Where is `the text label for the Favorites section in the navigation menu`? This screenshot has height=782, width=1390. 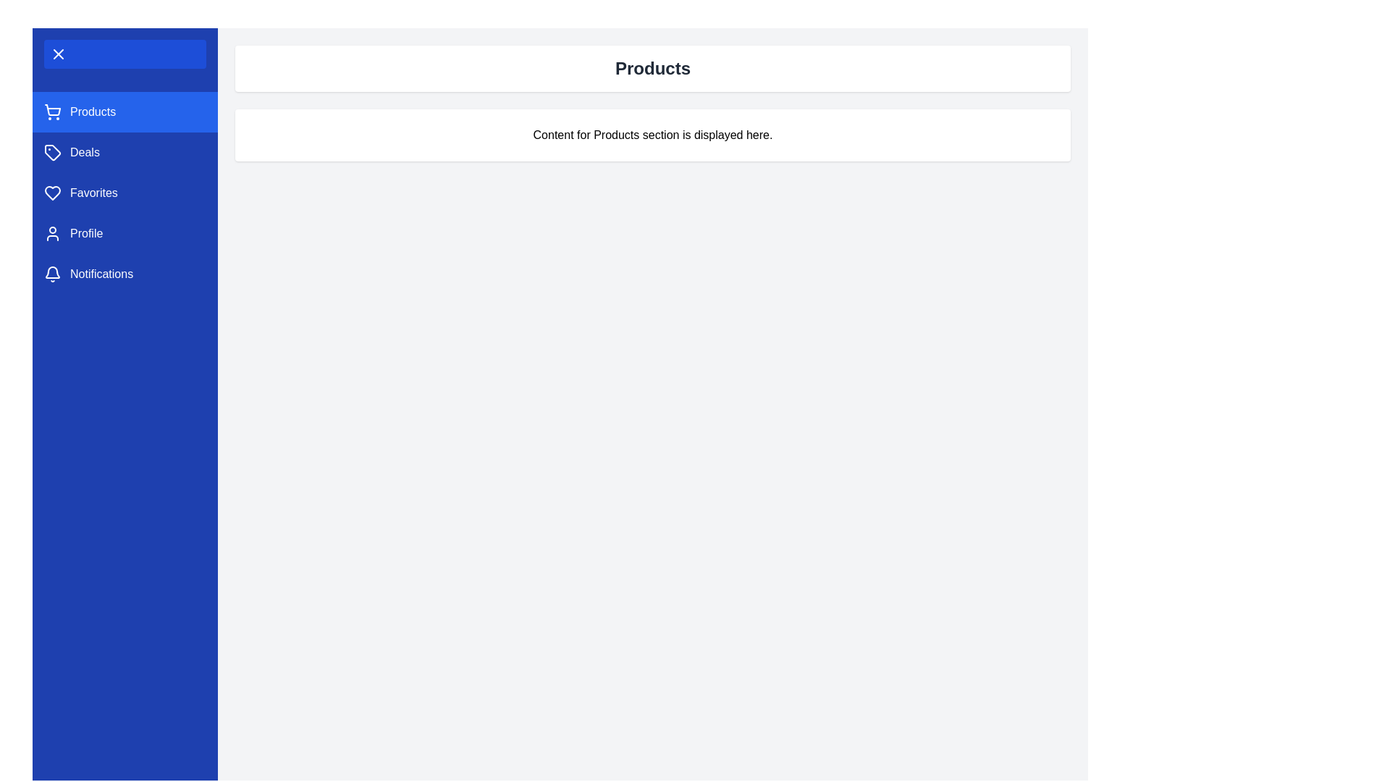
the text label for the Favorites section in the navigation menu is located at coordinates (93, 192).